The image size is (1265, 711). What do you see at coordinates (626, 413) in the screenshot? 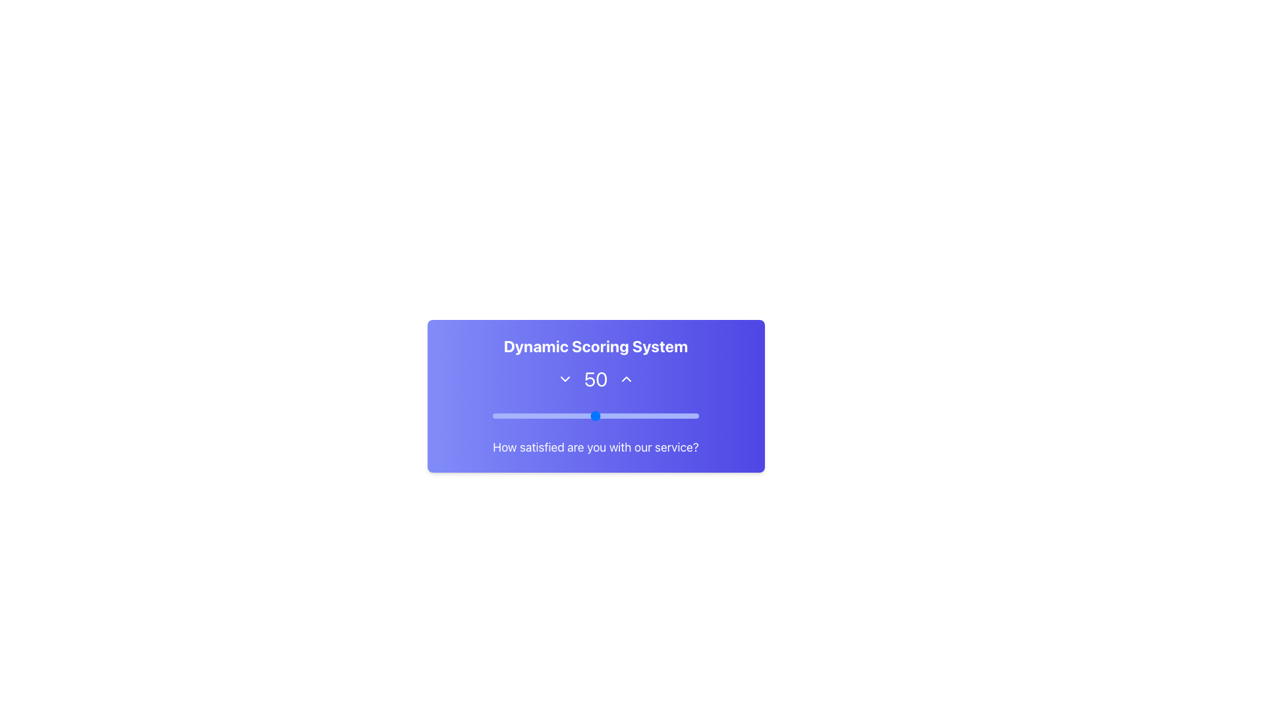
I see `the slider` at bounding box center [626, 413].